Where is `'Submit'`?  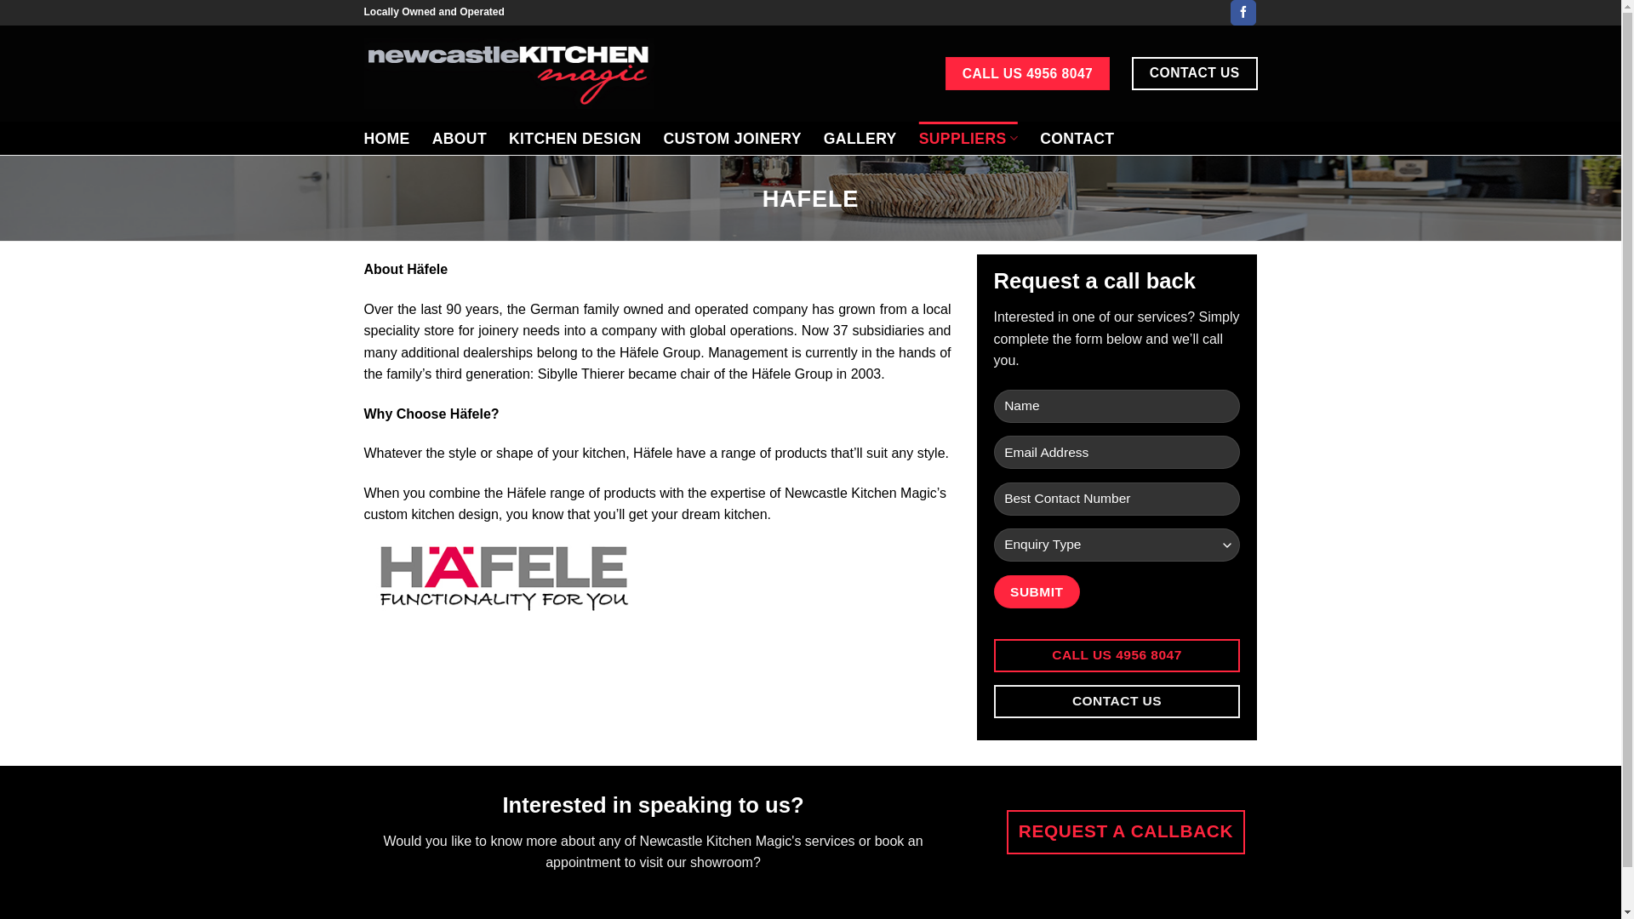 'Submit' is located at coordinates (993, 591).